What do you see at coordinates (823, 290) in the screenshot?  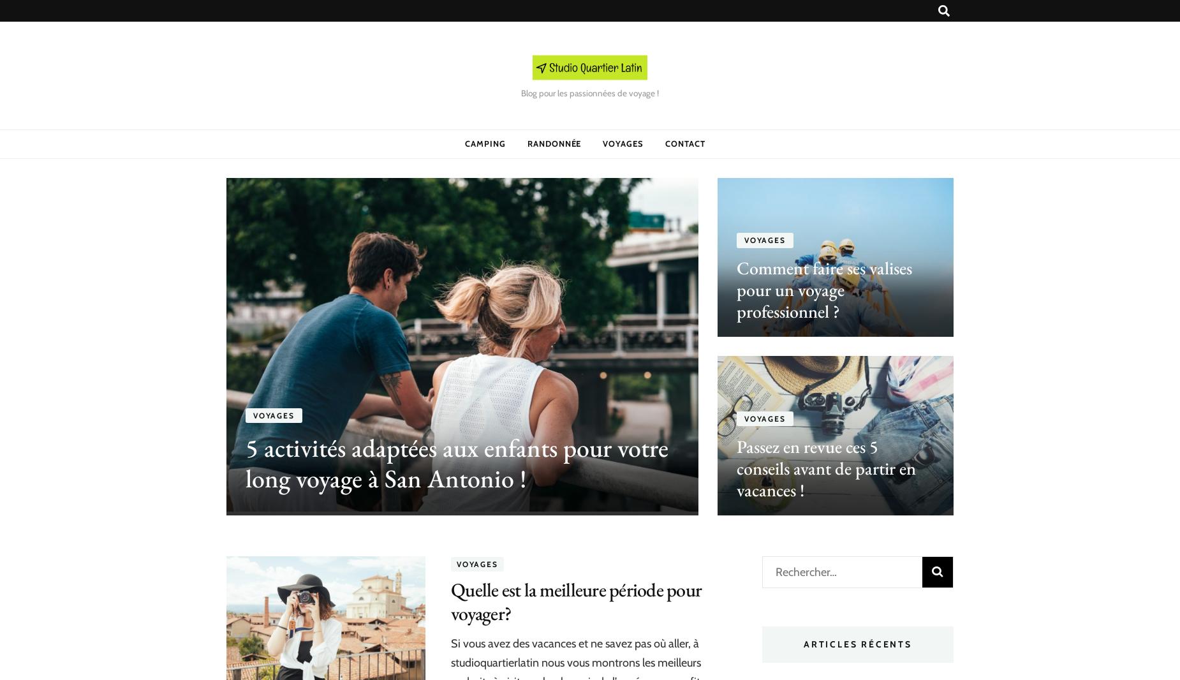 I see `'Comment faire ses valises pour un voyage professionnel ?'` at bounding box center [823, 290].